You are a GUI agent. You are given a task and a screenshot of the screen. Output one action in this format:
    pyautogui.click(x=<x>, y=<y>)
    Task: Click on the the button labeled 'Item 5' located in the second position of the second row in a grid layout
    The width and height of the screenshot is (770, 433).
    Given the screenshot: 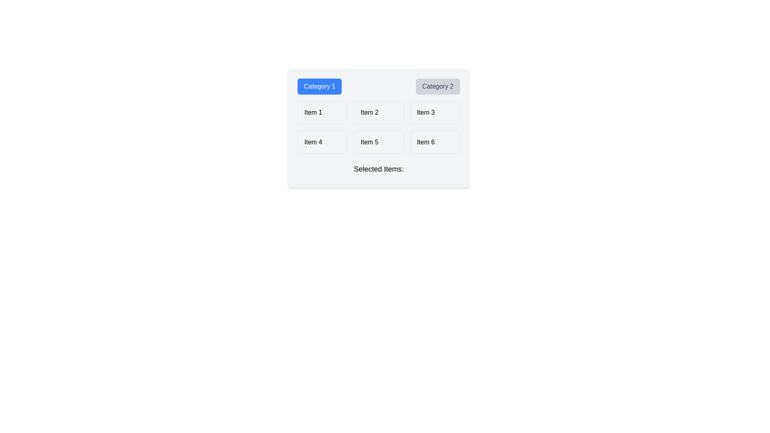 What is the action you would take?
    pyautogui.click(x=378, y=142)
    